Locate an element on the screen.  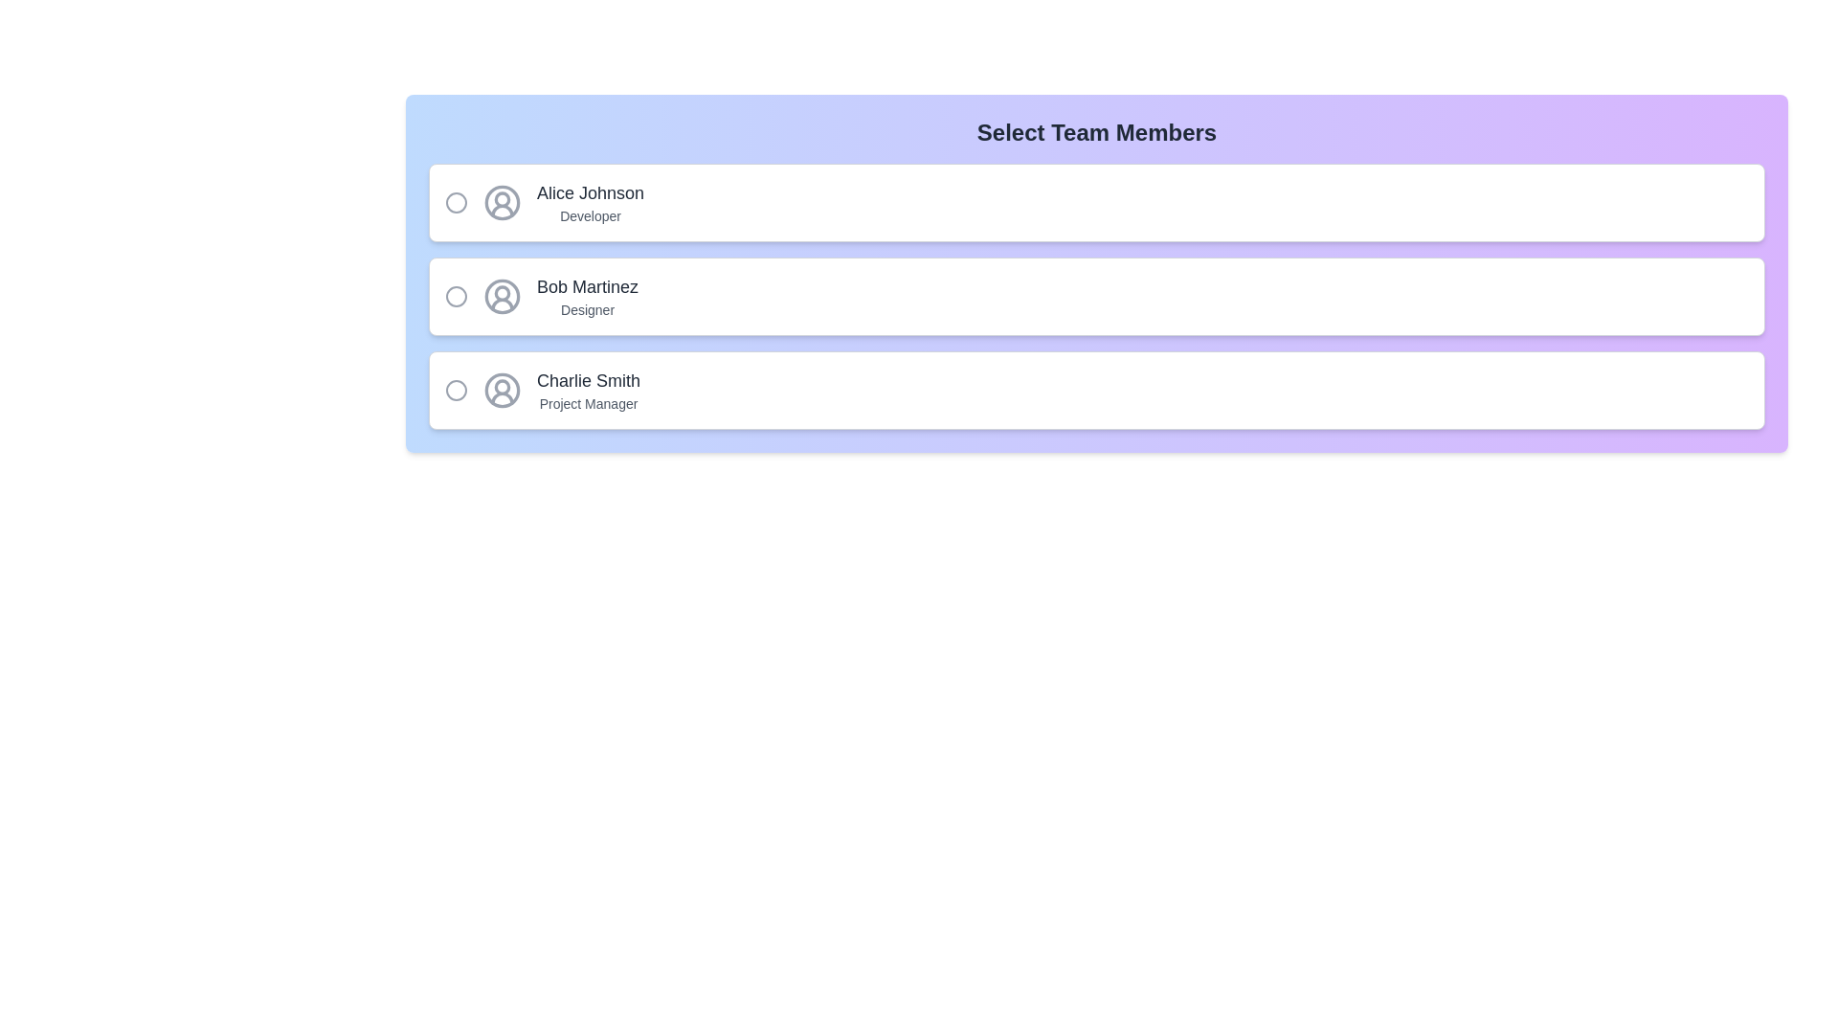
the first SVG Circle Graphic, which serves as a visual indicator for selecting options, located left of the 'Alice Johnson' text block is located at coordinates (455, 203).